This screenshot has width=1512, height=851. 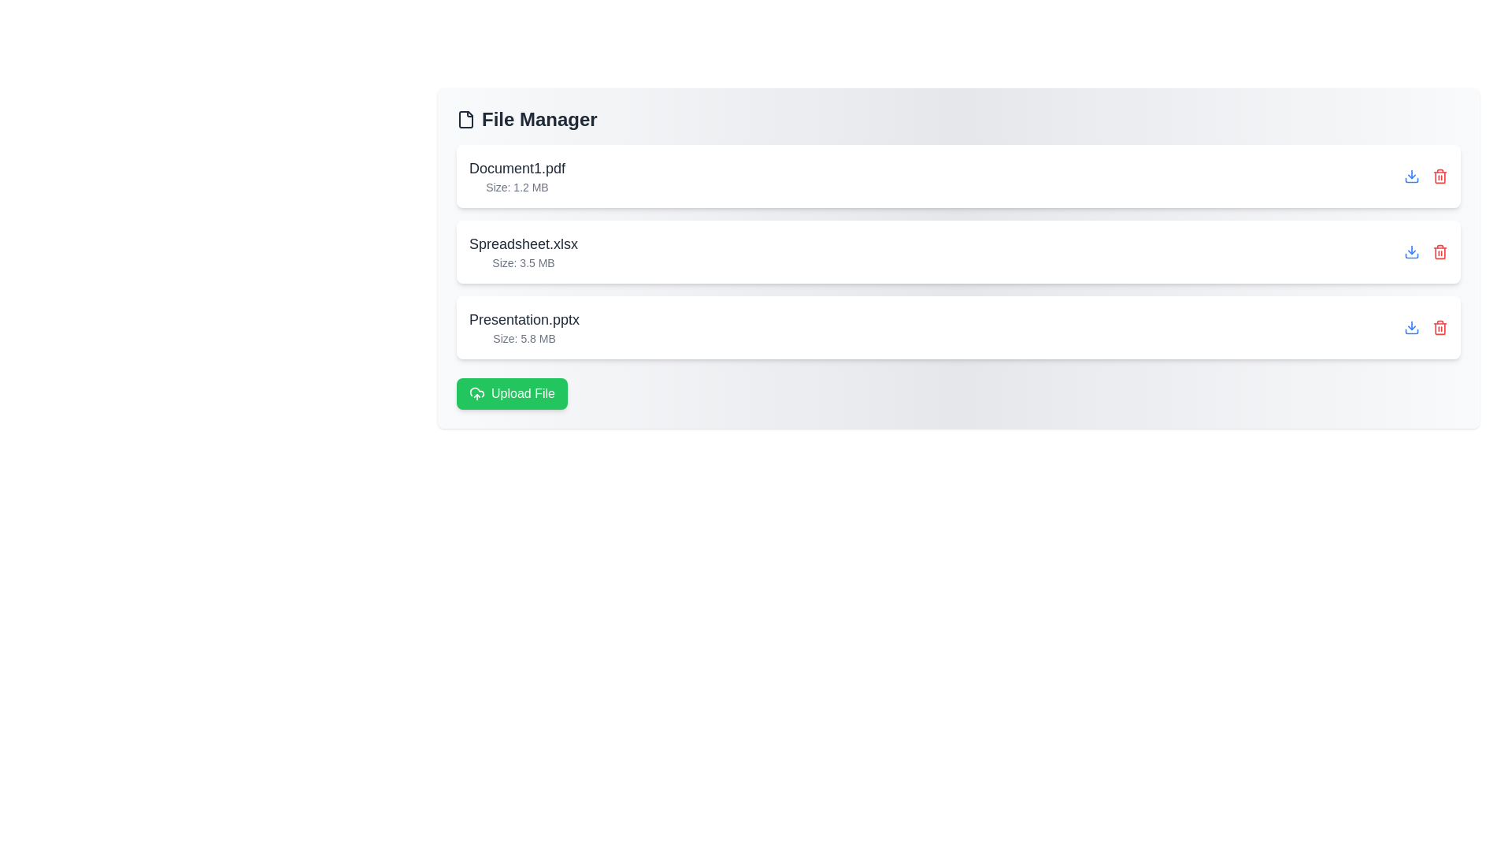 What do you see at coordinates (511, 393) in the screenshot?
I see `the 'Upload File' button to initiate the file upload process` at bounding box center [511, 393].